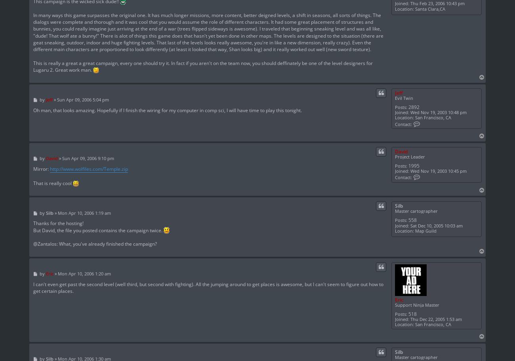 The image size is (515, 361). Describe the element at coordinates (84, 273) in the screenshot. I see `'Mon Apr 10, 2006 1:20 am'` at that location.